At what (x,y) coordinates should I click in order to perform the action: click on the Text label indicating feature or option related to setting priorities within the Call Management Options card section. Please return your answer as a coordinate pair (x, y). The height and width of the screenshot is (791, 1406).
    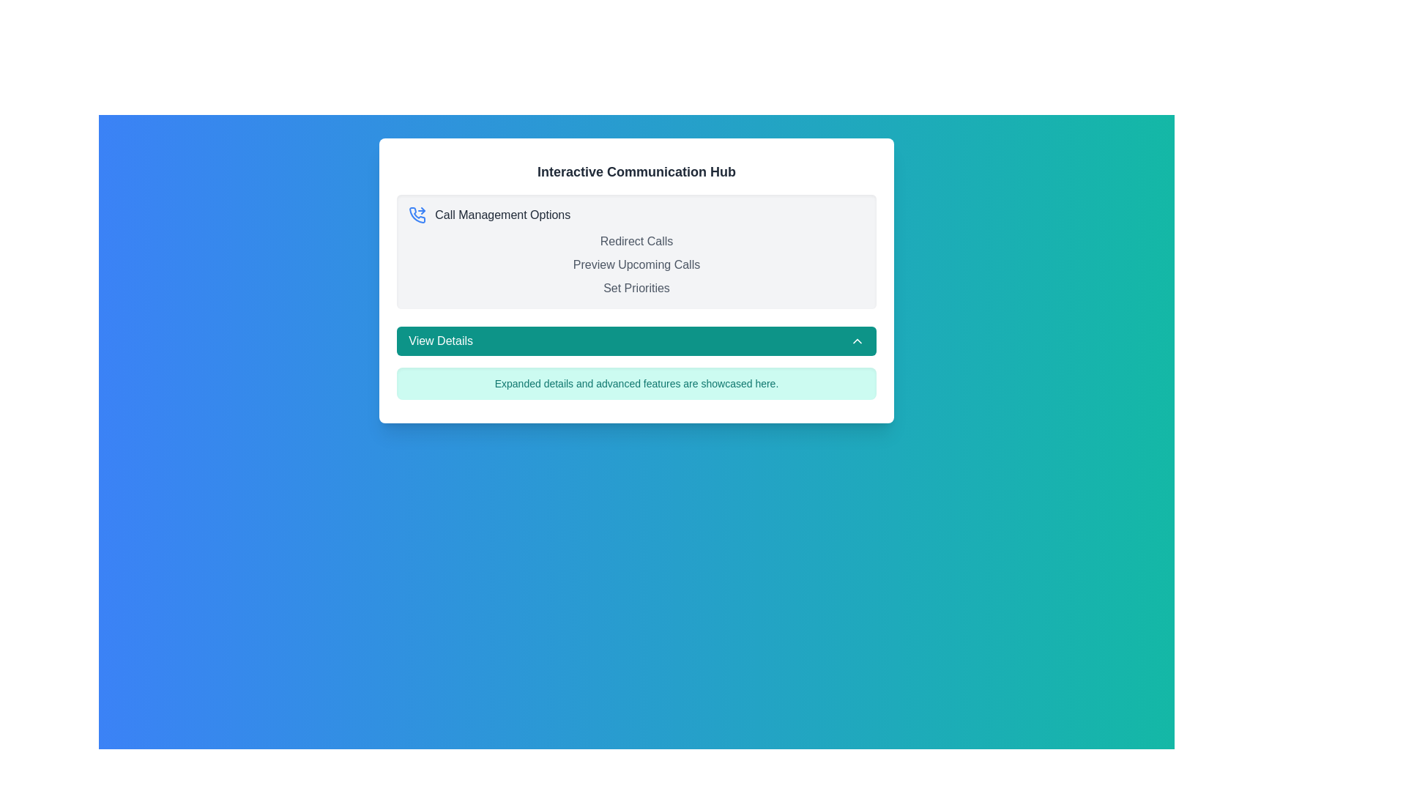
    Looking at the image, I should click on (636, 289).